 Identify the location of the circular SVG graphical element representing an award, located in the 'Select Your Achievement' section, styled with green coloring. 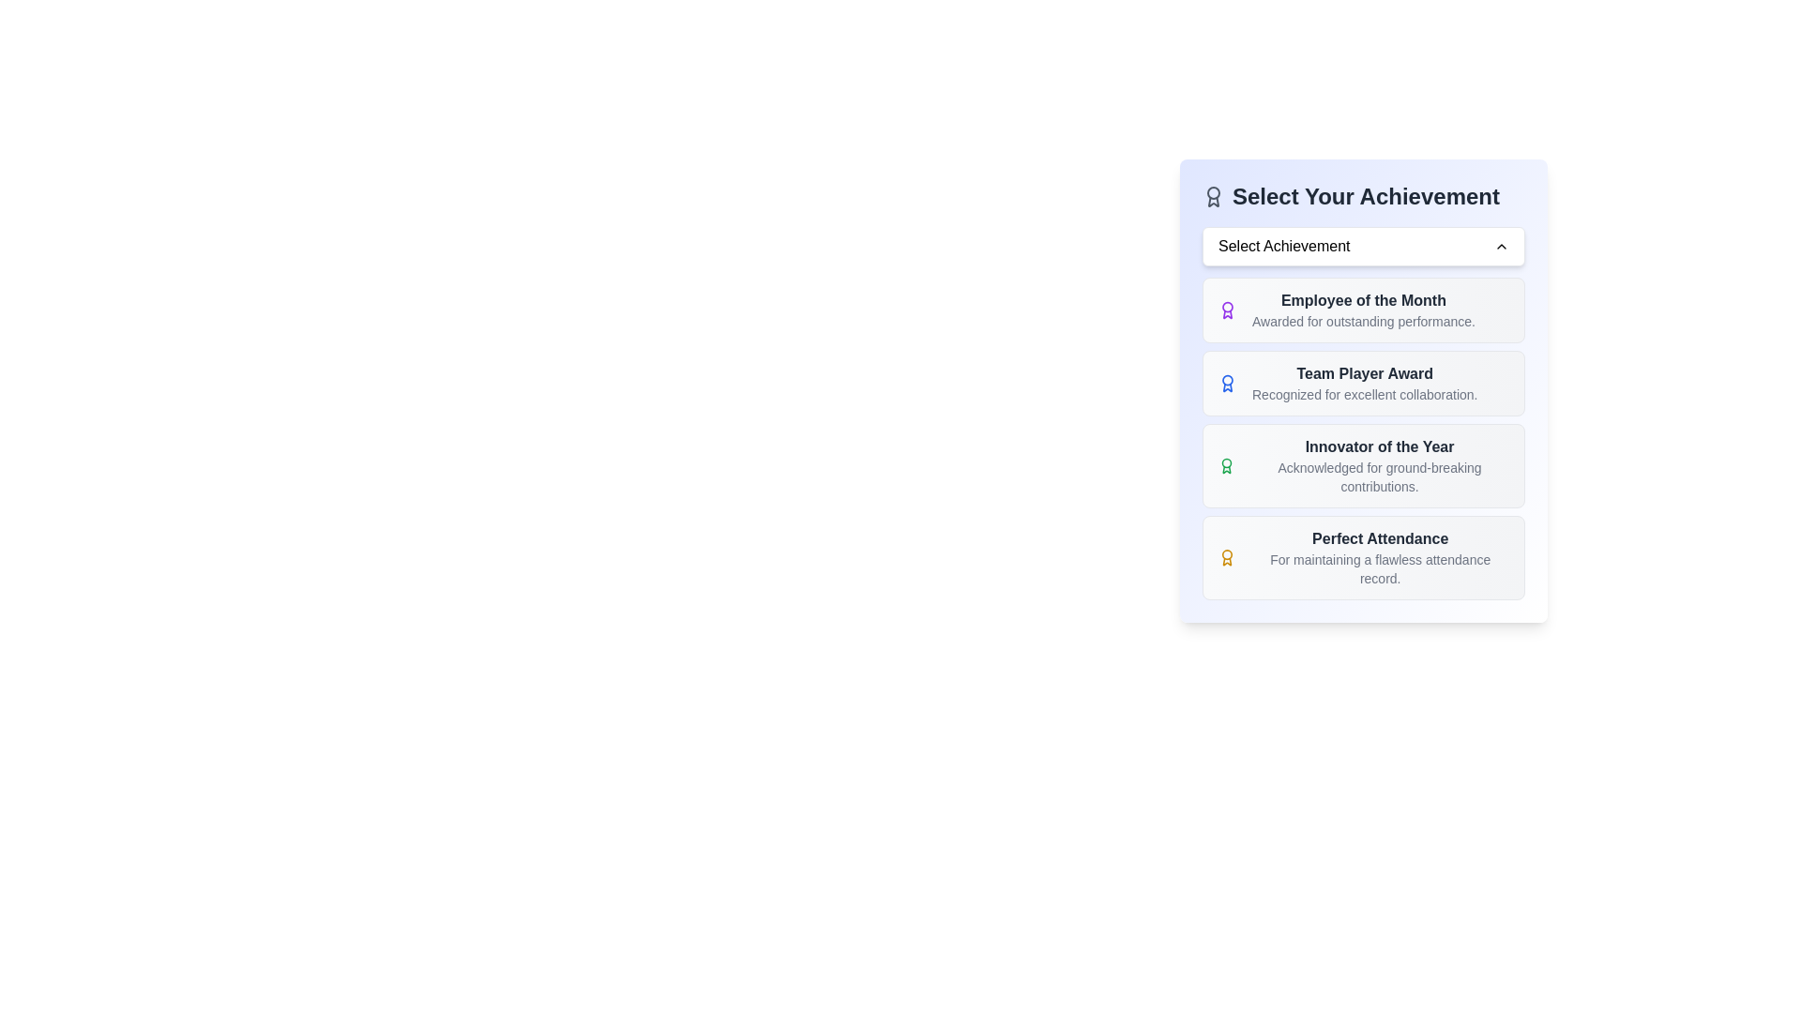
(1227, 462).